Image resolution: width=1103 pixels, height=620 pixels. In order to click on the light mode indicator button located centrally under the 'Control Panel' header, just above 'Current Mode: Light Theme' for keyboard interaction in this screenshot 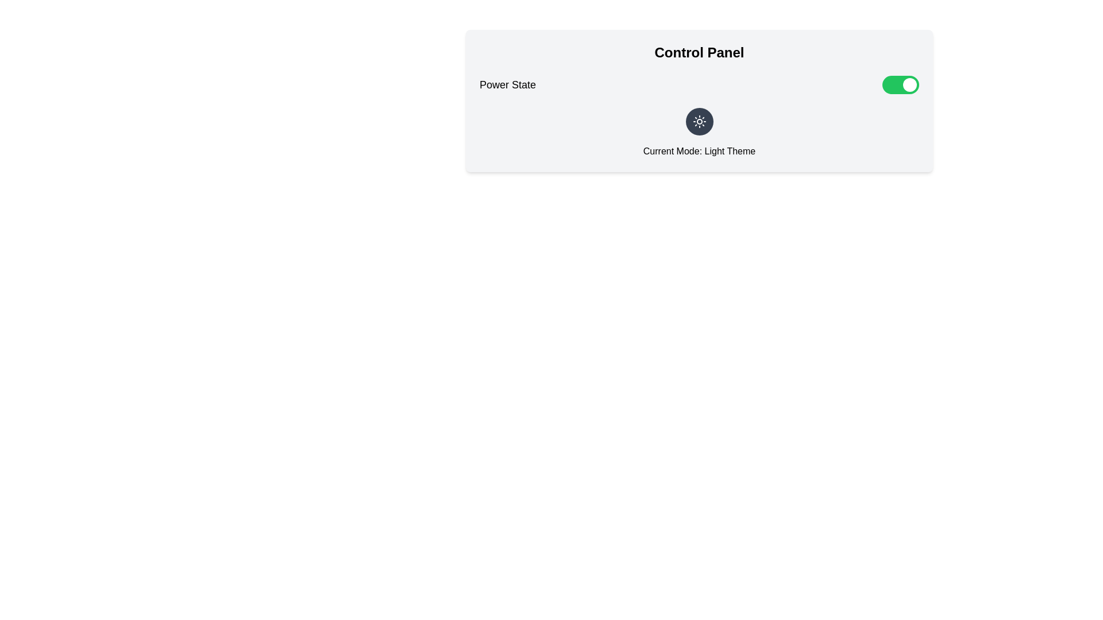, I will do `click(699, 122)`.